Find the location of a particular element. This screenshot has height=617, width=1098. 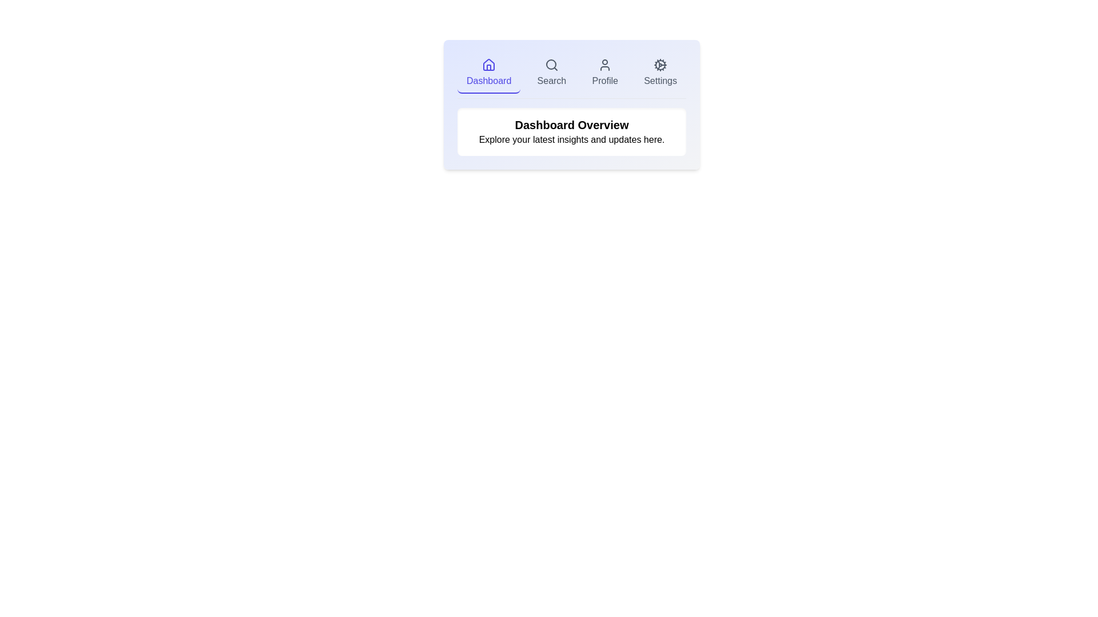

the house-shaped icon in the navigation bar is located at coordinates (489, 65).